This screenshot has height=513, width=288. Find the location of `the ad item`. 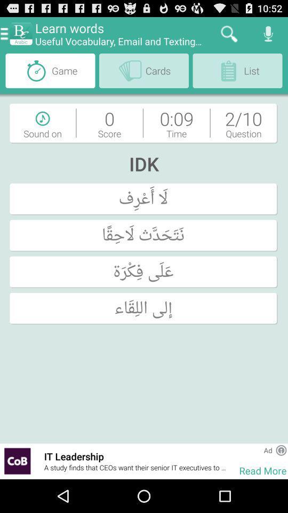

the ad item is located at coordinates (267, 449).